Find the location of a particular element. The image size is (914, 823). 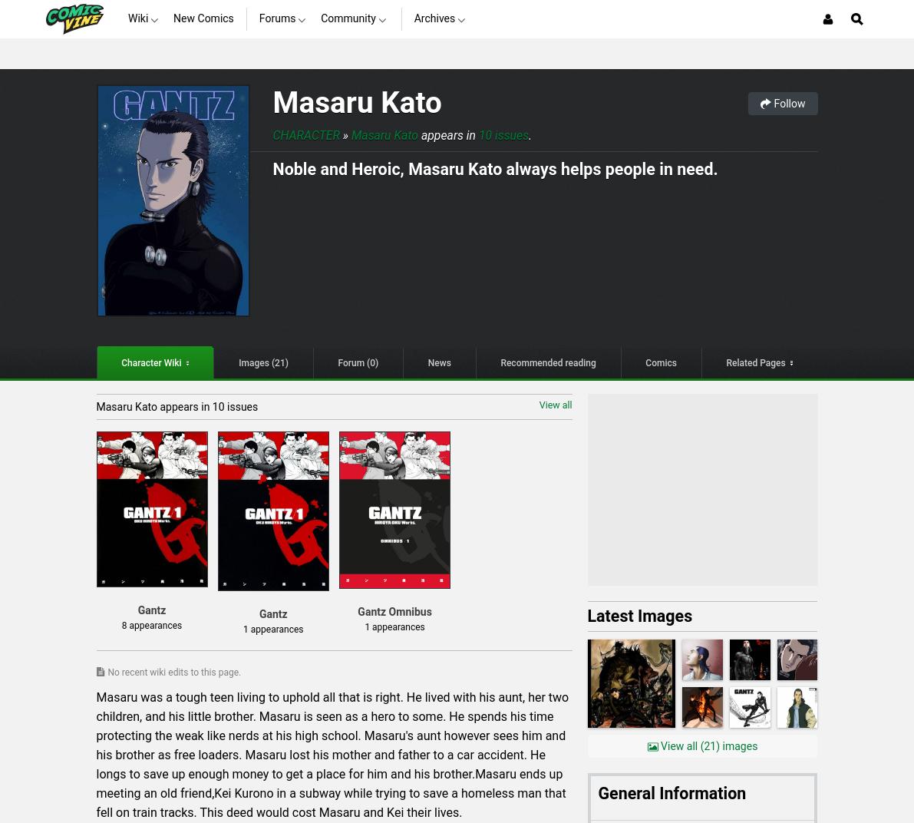

'Masaru was a tough teen living to uphold all that is right. He lived with his aunt, her two children, and his little brother. Masaru is seen as a hero to some. He spends his time protecting the weak like nerds at his high school. Masaru's aunt however sees him and his brother as free loaders. Masaru lost his mother and father to a car accident. He longs to save up enough money to get a place for him and his brother.Masaru ends up meeting an old friend,Kei Kurono in a subway while trying to save a homeless man that fell on train tracks. This deed would cost Masaru and Kei their lives.' is located at coordinates (332, 753).